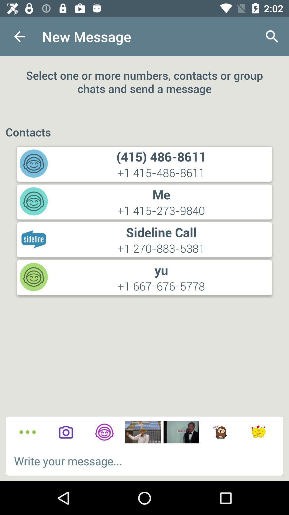 This screenshot has height=515, width=289. Describe the element at coordinates (181, 432) in the screenshot. I see `send picture` at that location.